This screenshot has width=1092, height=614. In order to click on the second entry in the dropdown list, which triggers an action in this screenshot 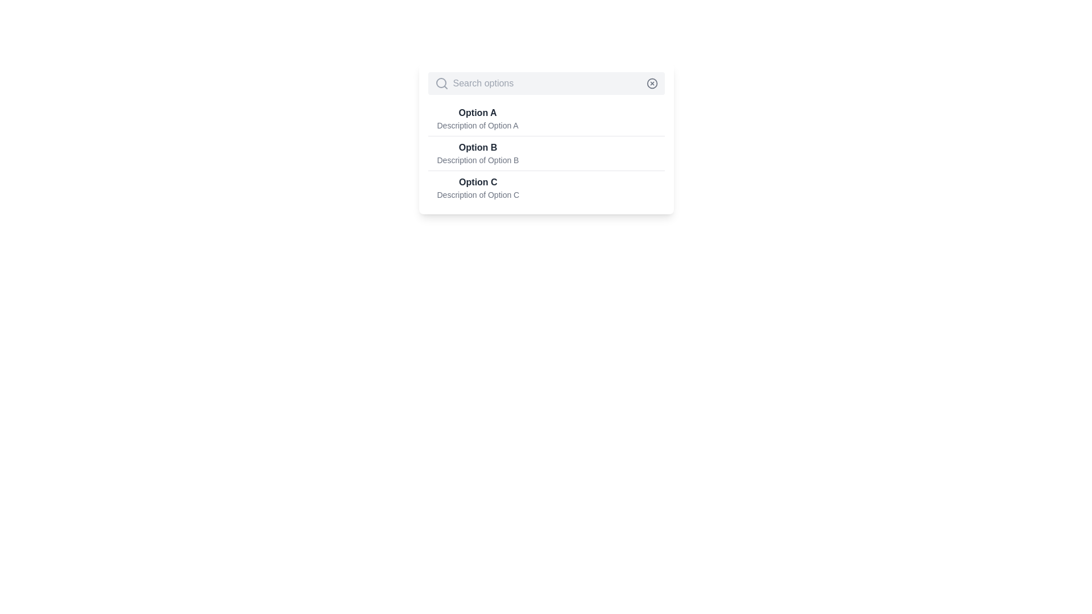, I will do `click(478, 153)`.